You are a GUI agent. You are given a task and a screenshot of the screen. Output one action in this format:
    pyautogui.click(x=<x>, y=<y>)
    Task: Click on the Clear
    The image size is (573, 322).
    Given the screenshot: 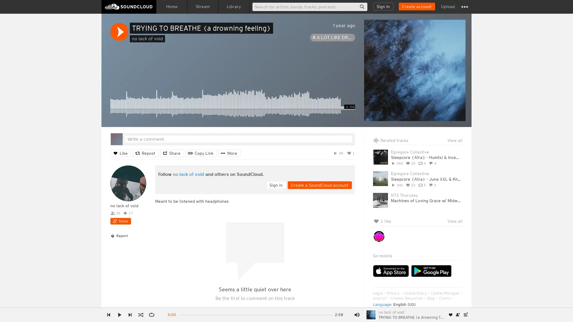 What is the action you would take?
    pyautogui.click(x=442, y=148)
    